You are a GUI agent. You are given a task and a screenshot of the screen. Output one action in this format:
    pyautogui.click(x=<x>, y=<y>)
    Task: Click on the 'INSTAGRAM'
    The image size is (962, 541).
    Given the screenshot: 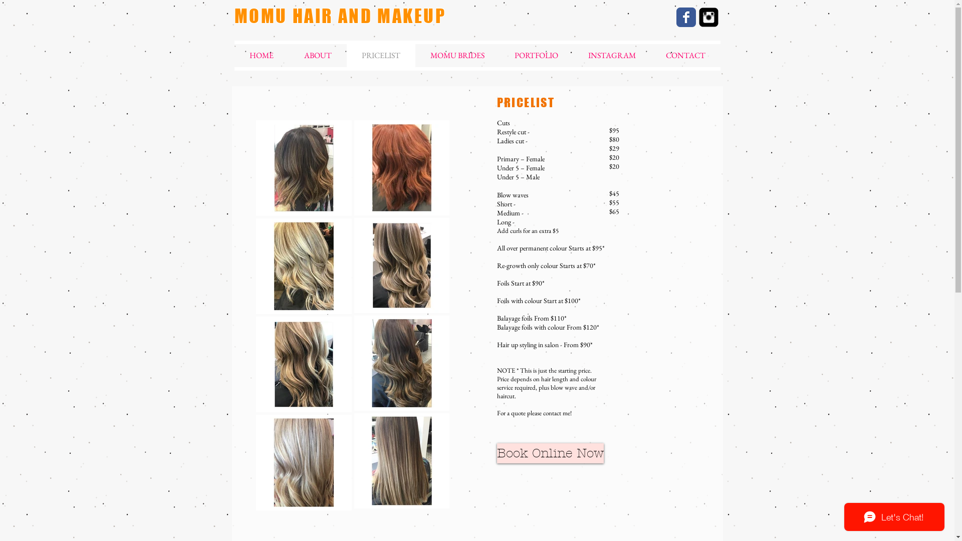 What is the action you would take?
    pyautogui.click(x=611, y=56)
    